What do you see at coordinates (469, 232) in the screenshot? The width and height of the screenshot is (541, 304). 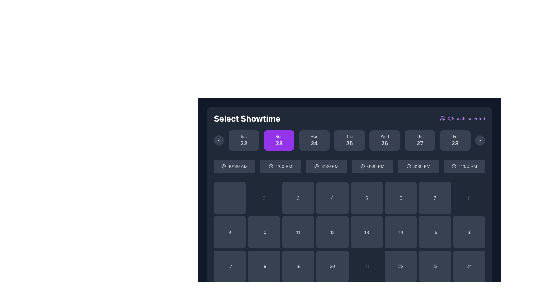 I see `the button in the fourth row and fourth column of the grid` at bounding box center [469, 232].